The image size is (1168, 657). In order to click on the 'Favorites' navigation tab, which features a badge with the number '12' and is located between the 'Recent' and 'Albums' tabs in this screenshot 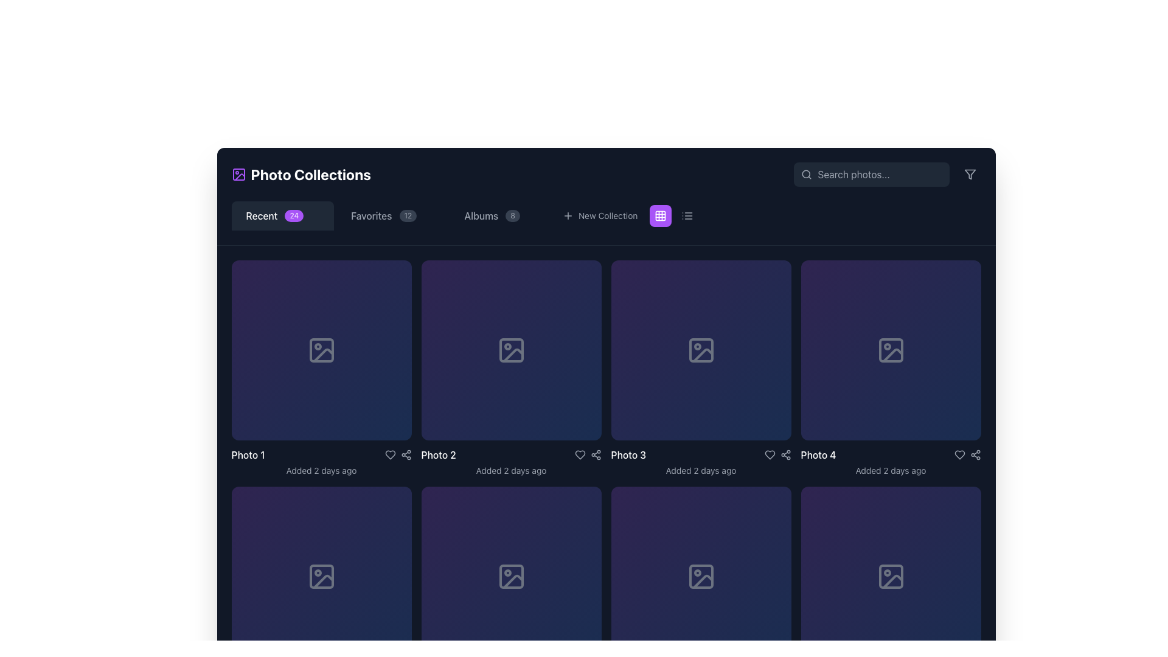, I will do `click(391, 215)`.